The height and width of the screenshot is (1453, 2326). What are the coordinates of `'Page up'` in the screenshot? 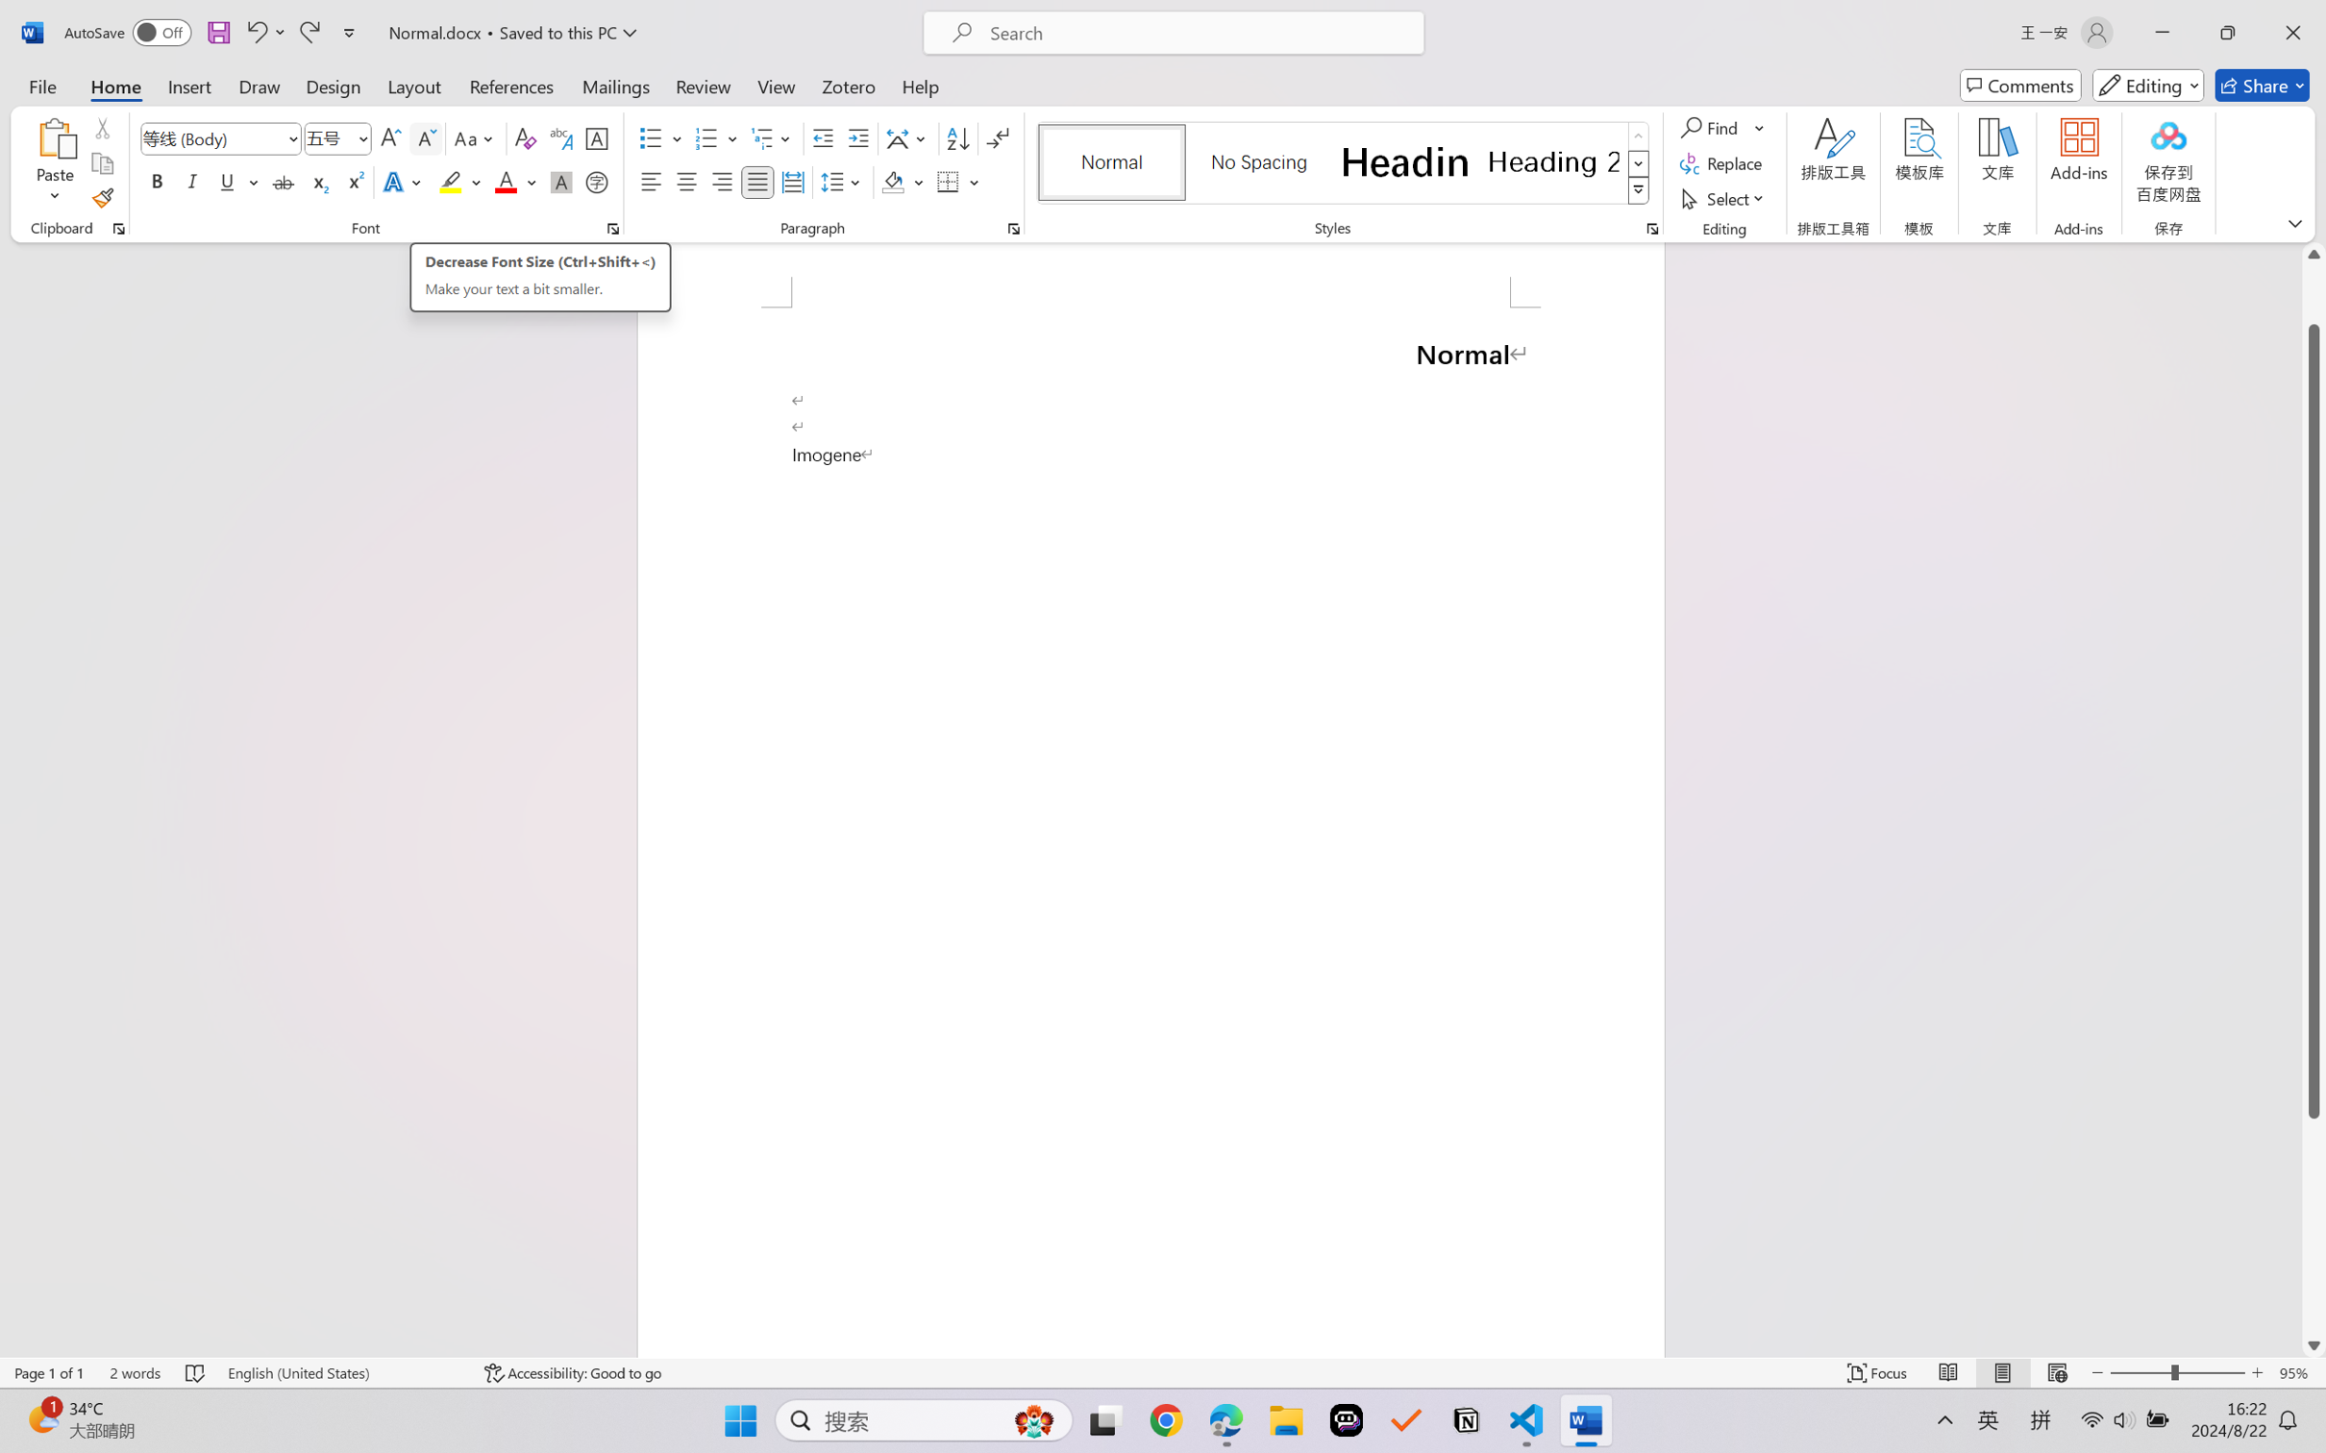 It's located at (2314, 293).